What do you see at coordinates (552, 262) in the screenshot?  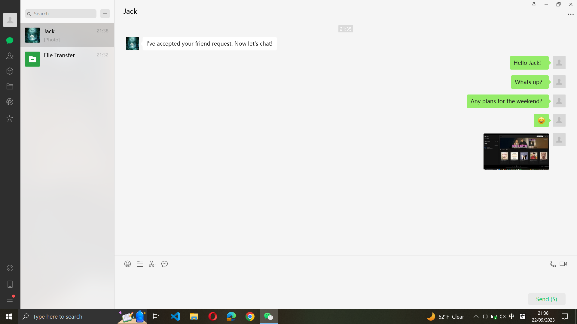 I see `Start a voice call with Jack` at bounding box center [552, 262].